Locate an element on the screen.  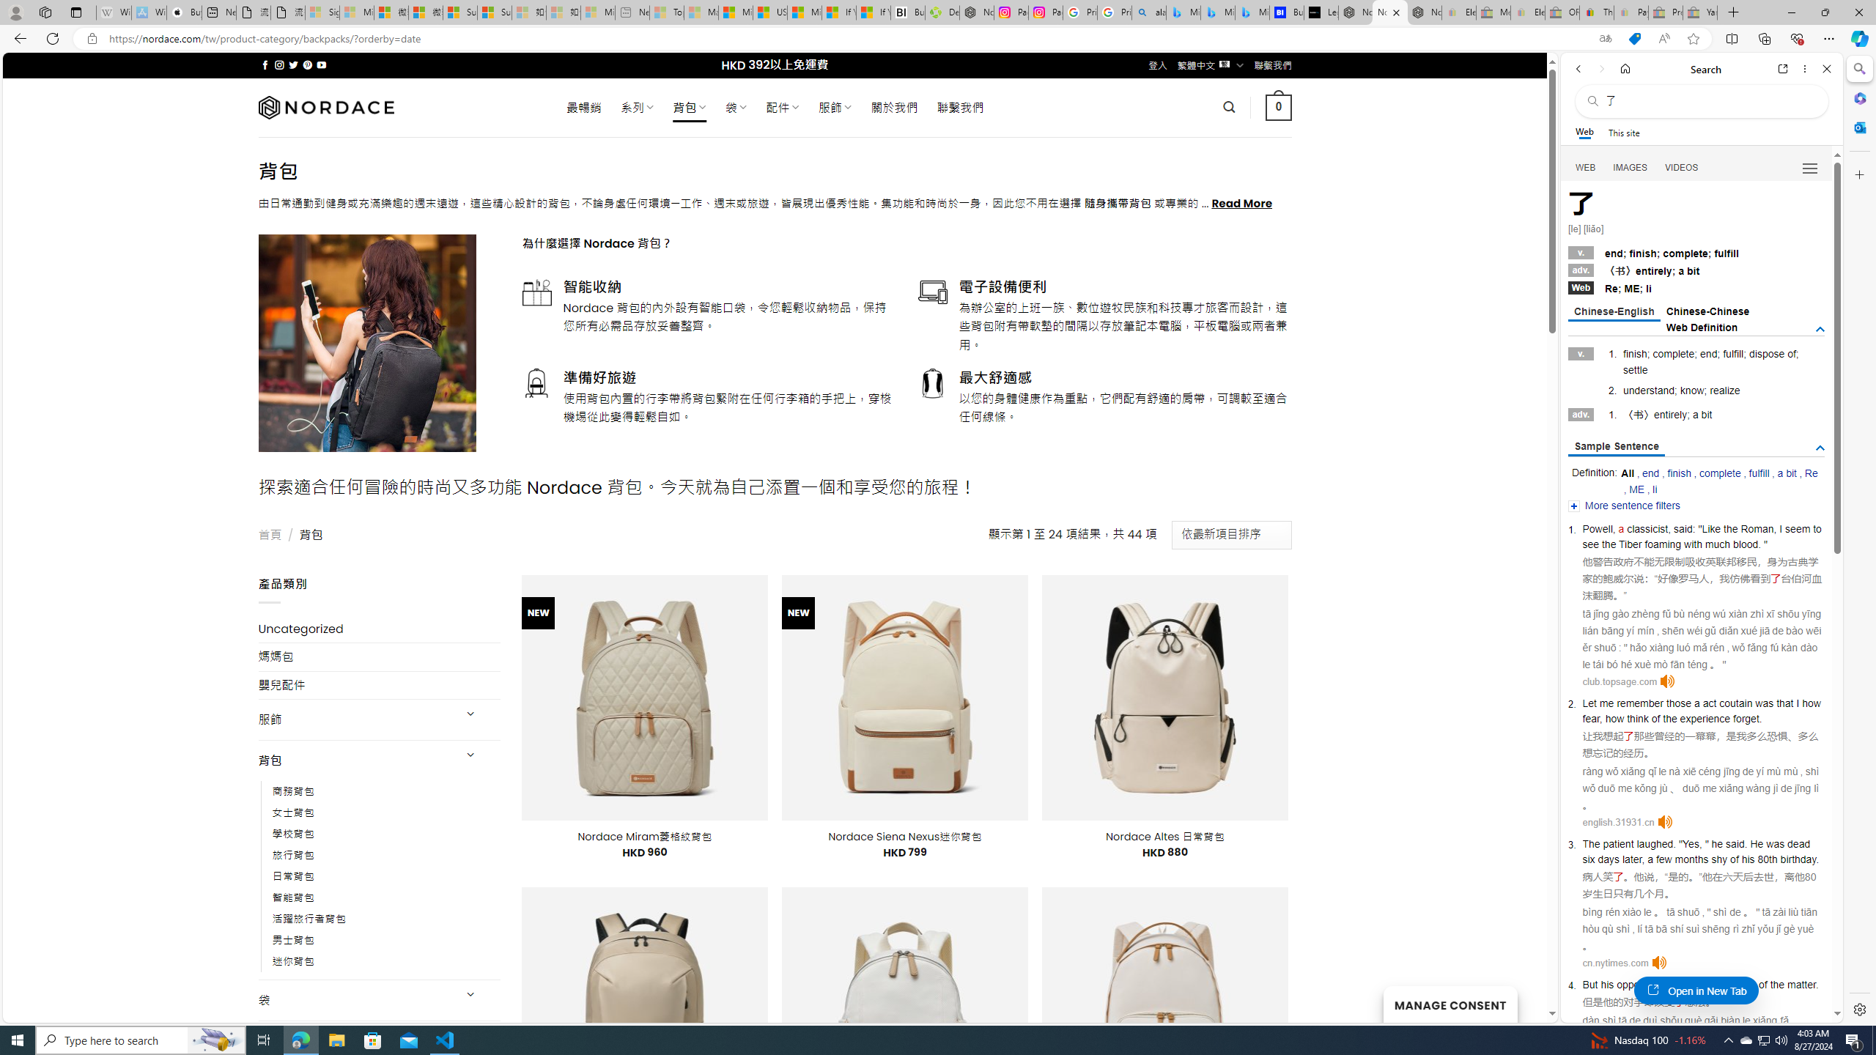
'club.topsage.com' is located at coordinates (1619, 681).